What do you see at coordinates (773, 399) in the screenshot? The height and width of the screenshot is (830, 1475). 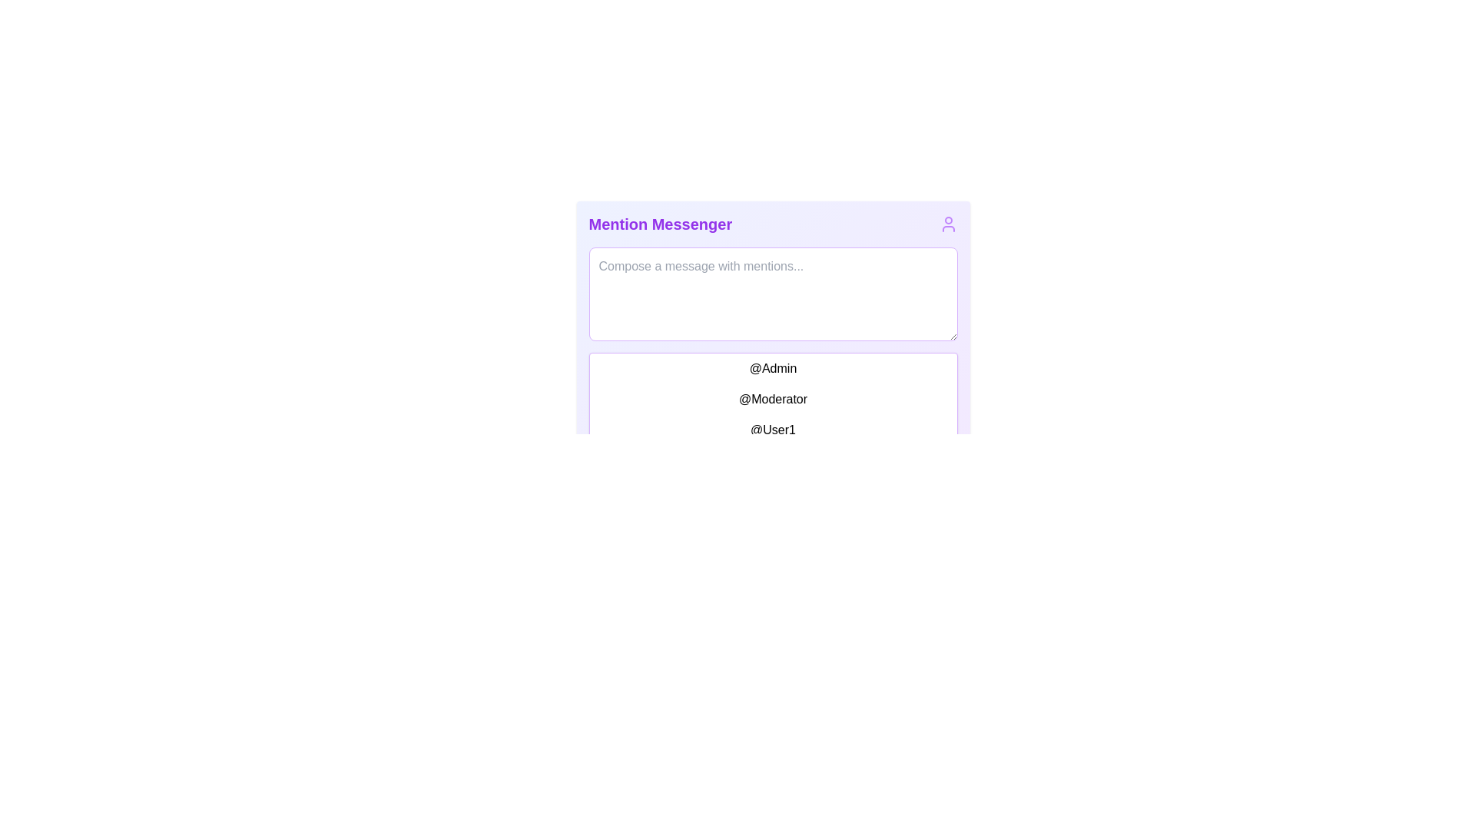 I see `the selectable user mention element that is the second in the list beneath the input box, following '@Admin' and preceding '@User1'` at bounding box center [773, 399].